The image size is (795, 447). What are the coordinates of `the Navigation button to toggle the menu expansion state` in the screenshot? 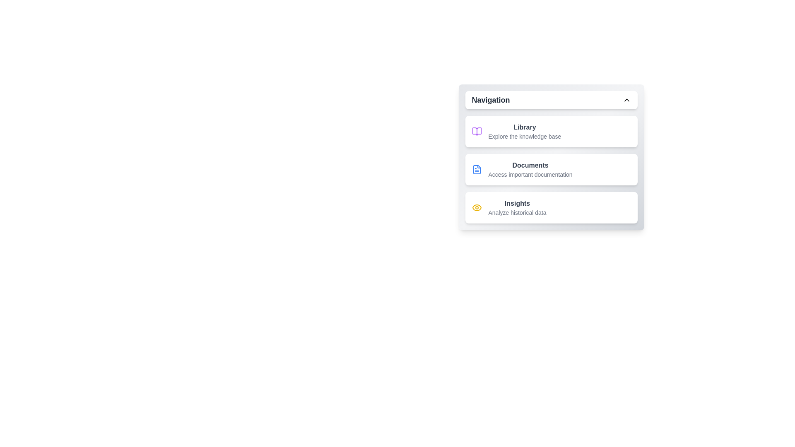 It's located at (551, 100).